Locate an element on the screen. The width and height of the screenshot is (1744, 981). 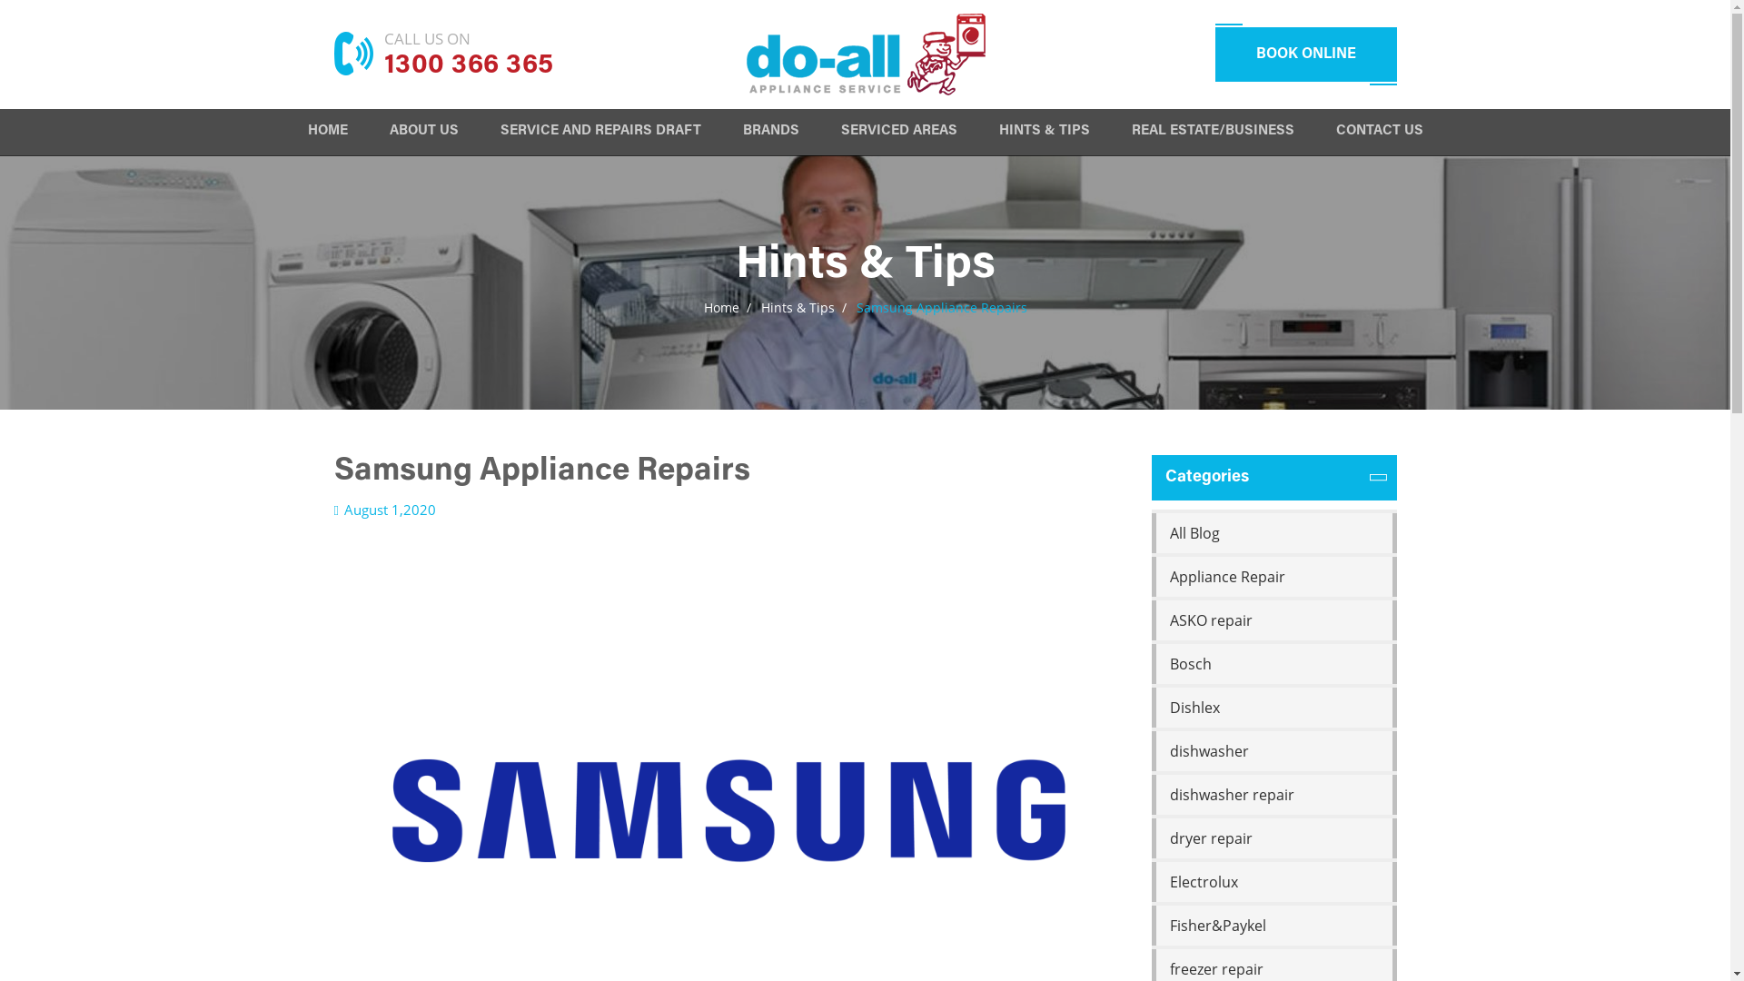
'SERVICE AND REPAIRS DRAFT' is located at coordinates (599, 133).